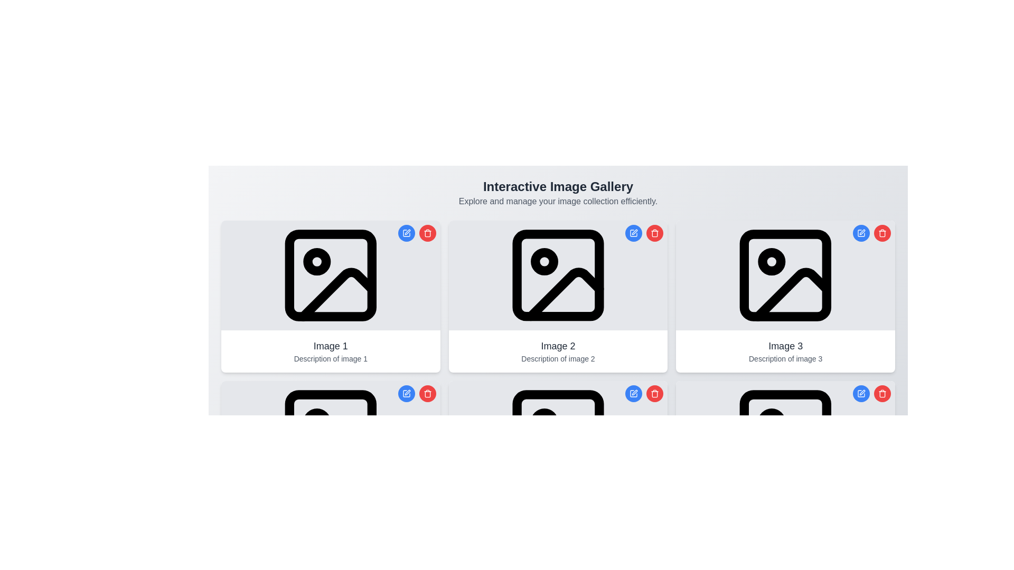  What do you see at coordinates (882, 393) in the screenshot?
I see `the rounded red button with a trash can icon located in the top-right corner of the card showcasing 'Image 3.'` at bounding box center [882, 393].